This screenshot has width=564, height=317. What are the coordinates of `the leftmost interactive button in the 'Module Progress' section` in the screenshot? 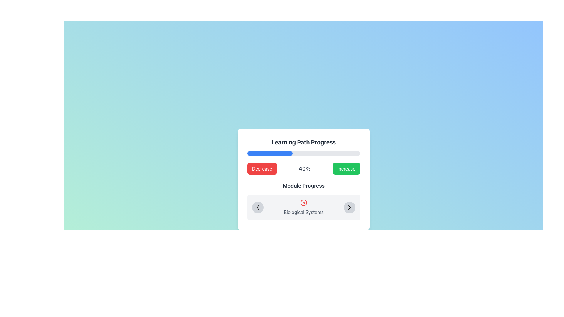 It's located at (258, 207).